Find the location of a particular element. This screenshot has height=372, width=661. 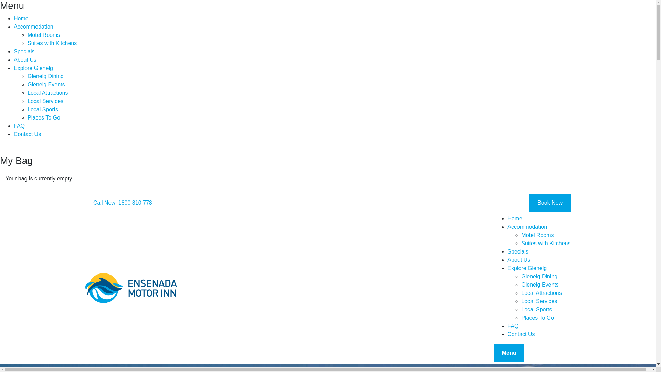

'Local Sports' is located at coordinates (545, 309).